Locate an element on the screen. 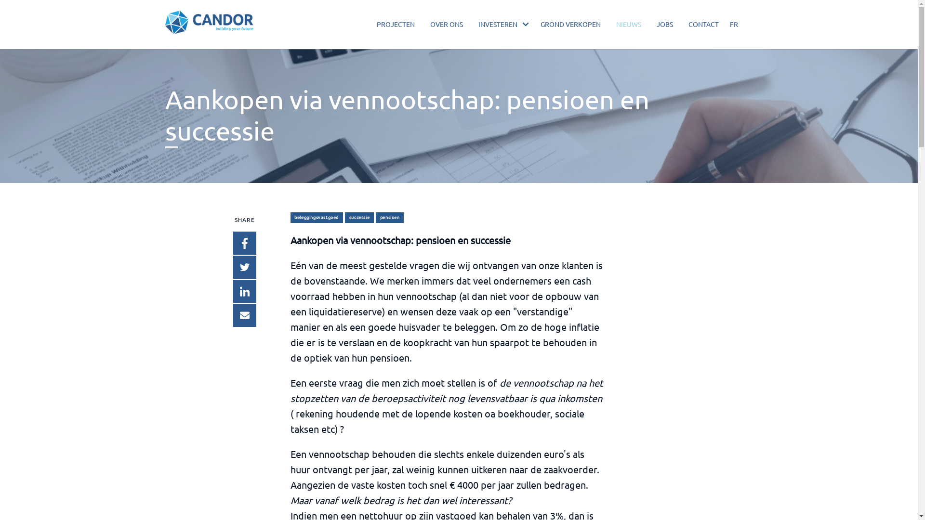 The height and width of the screenshot is (520, 925). 'PROJECTEN' is located at coordinates (396, 24).